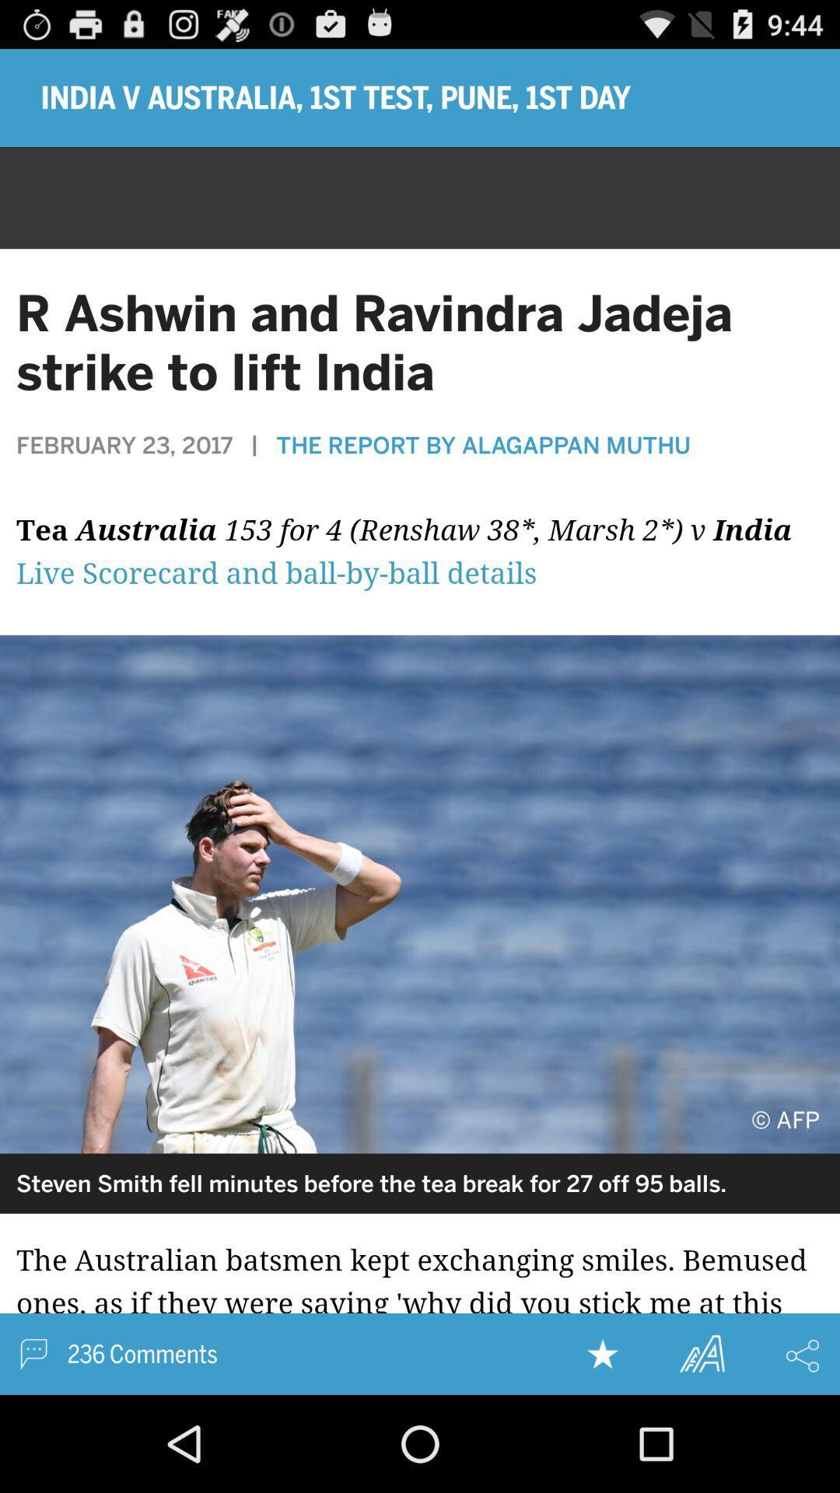 The image size is (840, 1493). I want to click on watch live stream, so click(420, 560).